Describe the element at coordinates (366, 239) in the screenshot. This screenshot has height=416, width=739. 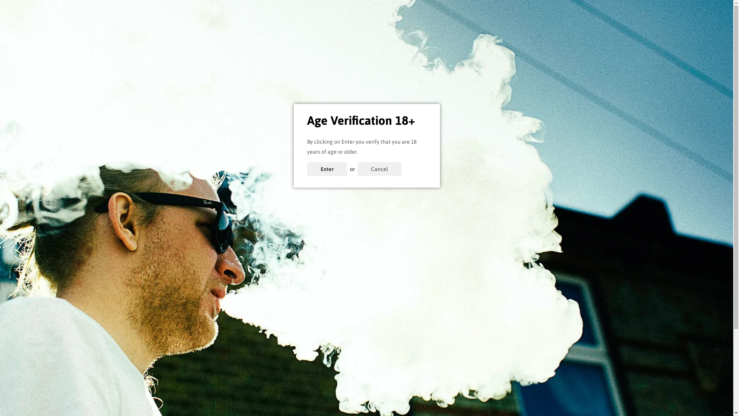
I see `'Click here to continue shopping'` at that location.